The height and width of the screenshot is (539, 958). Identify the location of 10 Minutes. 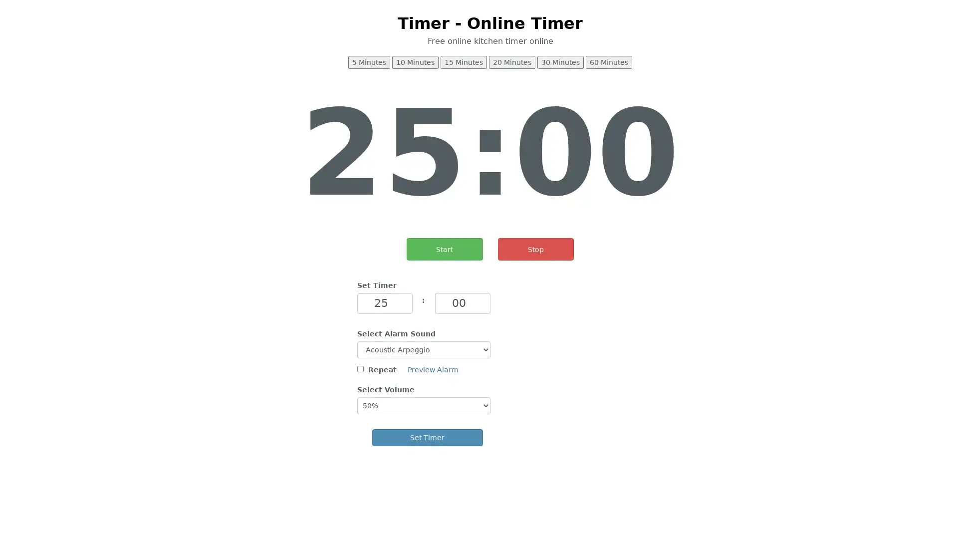
(415, 61).